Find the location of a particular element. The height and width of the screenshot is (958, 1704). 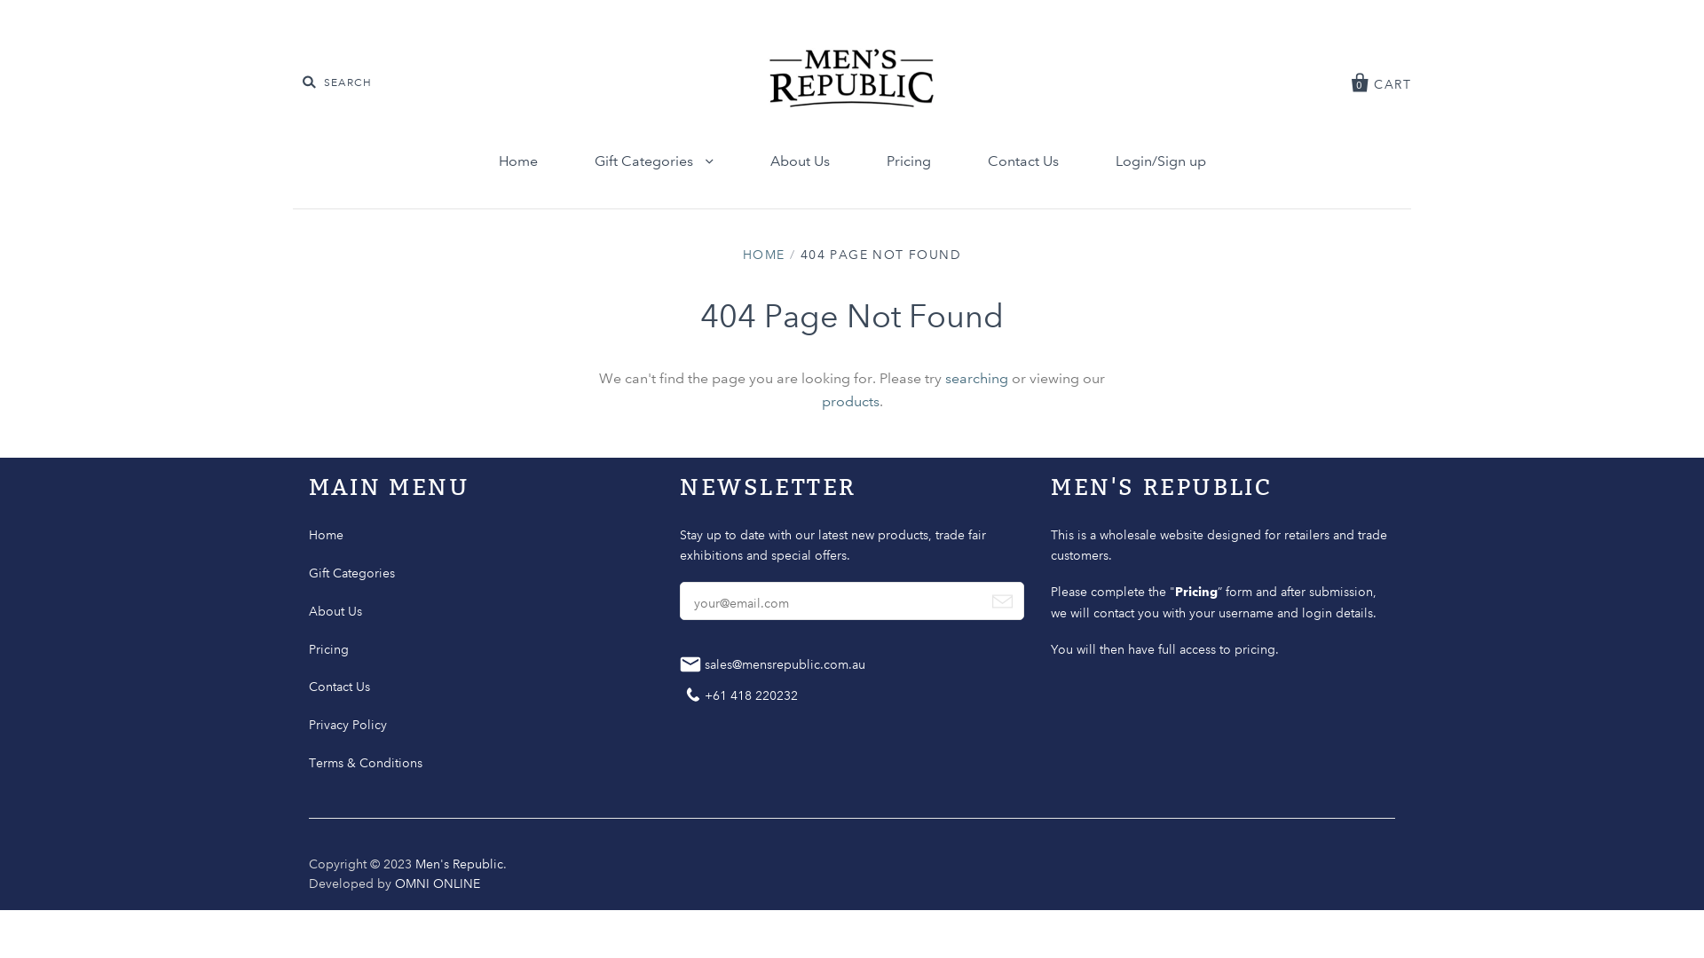

'Login/Sign up' is located at coordinates (1159, 161).